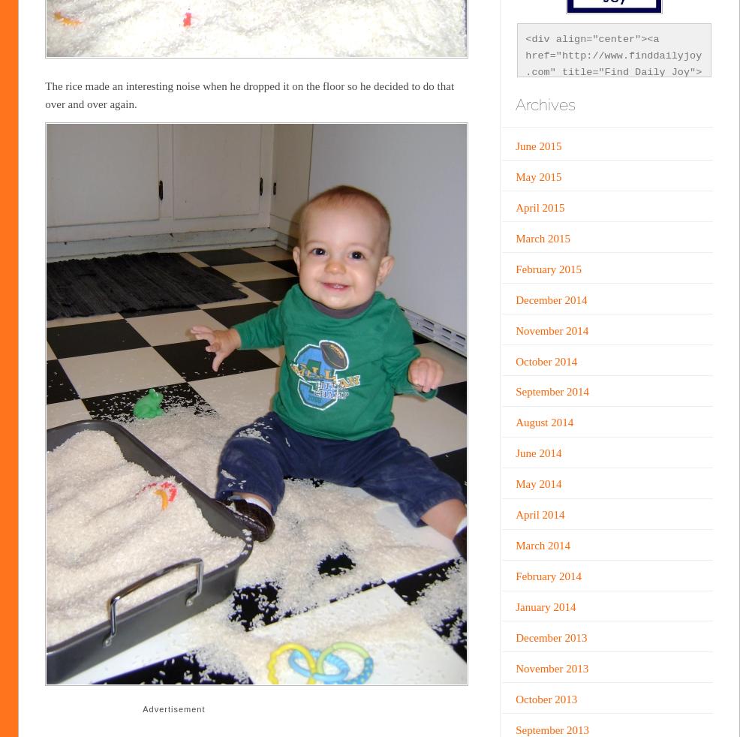 The height and width of the screenshot is (737, 740). What do you see at coordinates (552, 391) in the screenshot?
I see `'September 2014'` at bounding box center [552, 391].